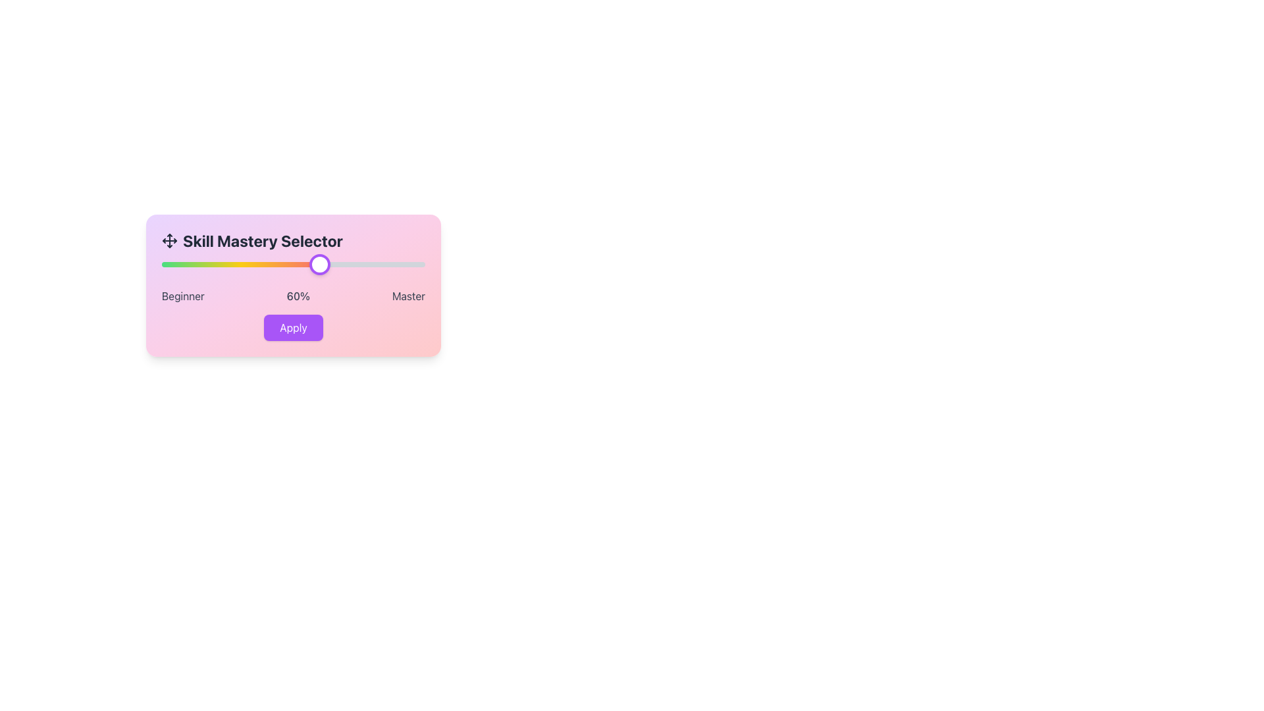 This screenshot has width=1264, height=711. I want to click on the button with a purple background and white text reading 'Apply', so click(293, 327).